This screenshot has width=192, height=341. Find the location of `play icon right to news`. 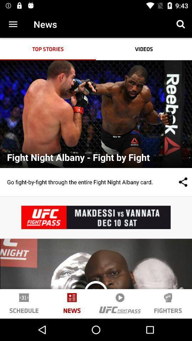

play icon right to news is located at coordinates (120, 297).